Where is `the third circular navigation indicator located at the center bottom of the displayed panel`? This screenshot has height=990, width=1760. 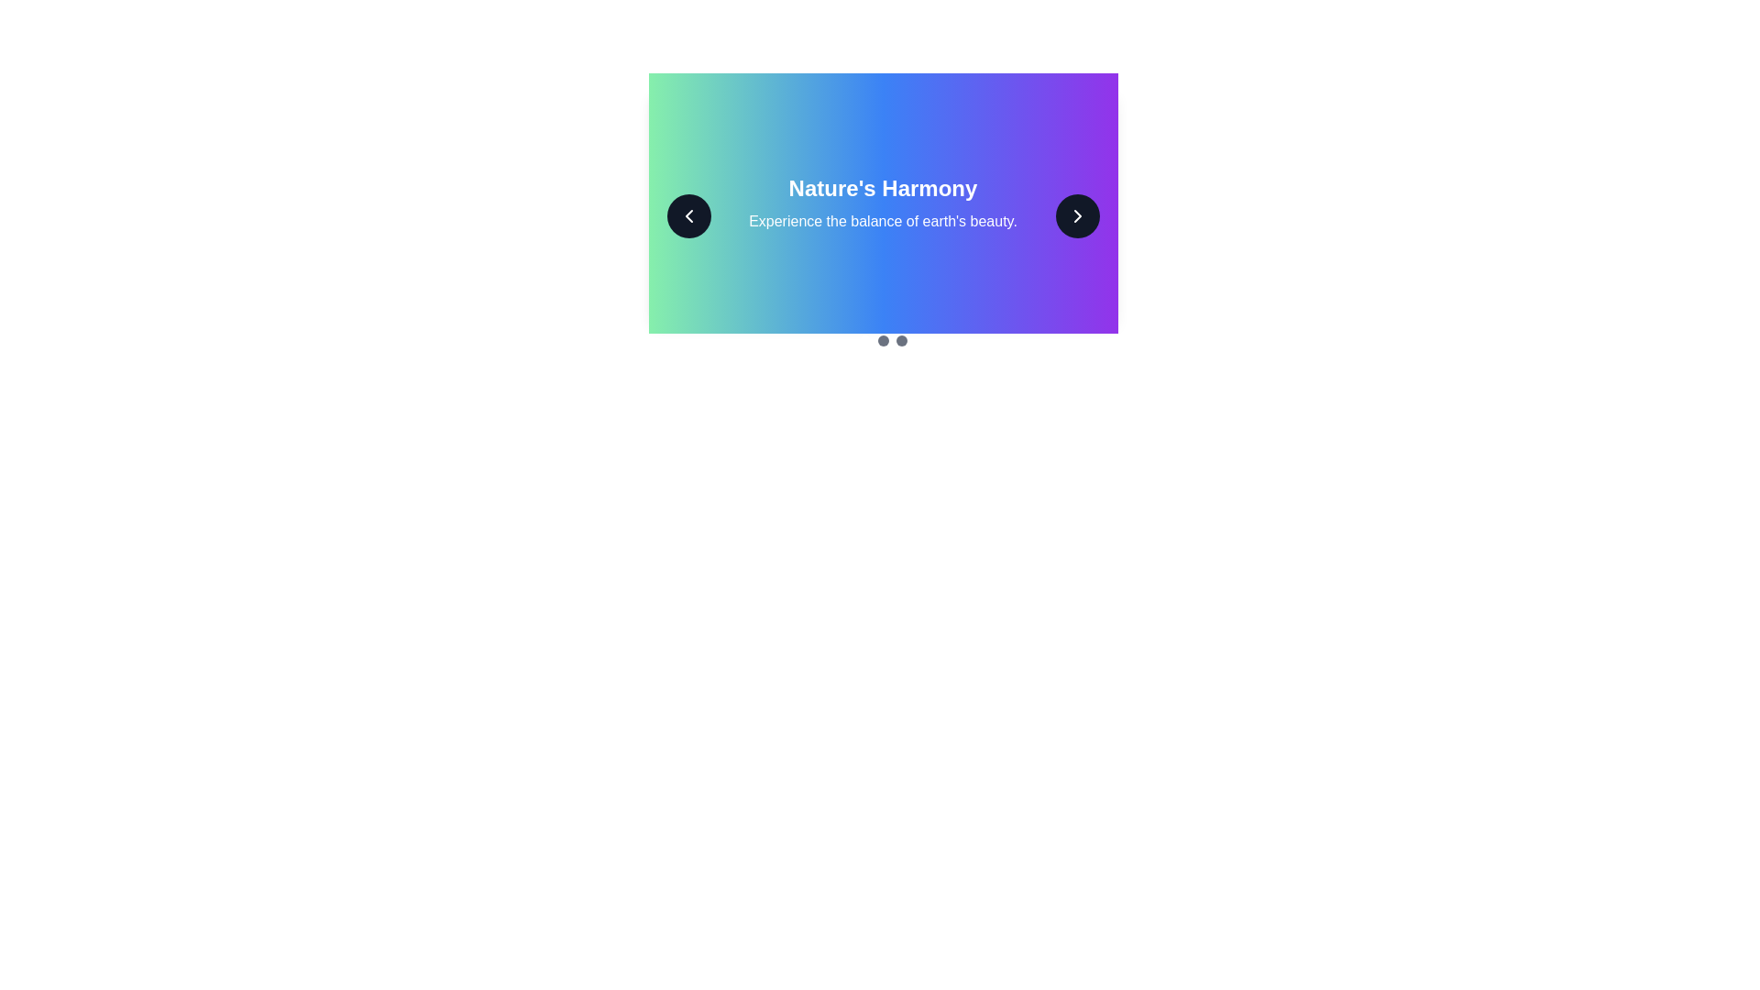
the third circular navigation indicator located at the center bottom of the displayed panel is located at coordinates (901, 340).